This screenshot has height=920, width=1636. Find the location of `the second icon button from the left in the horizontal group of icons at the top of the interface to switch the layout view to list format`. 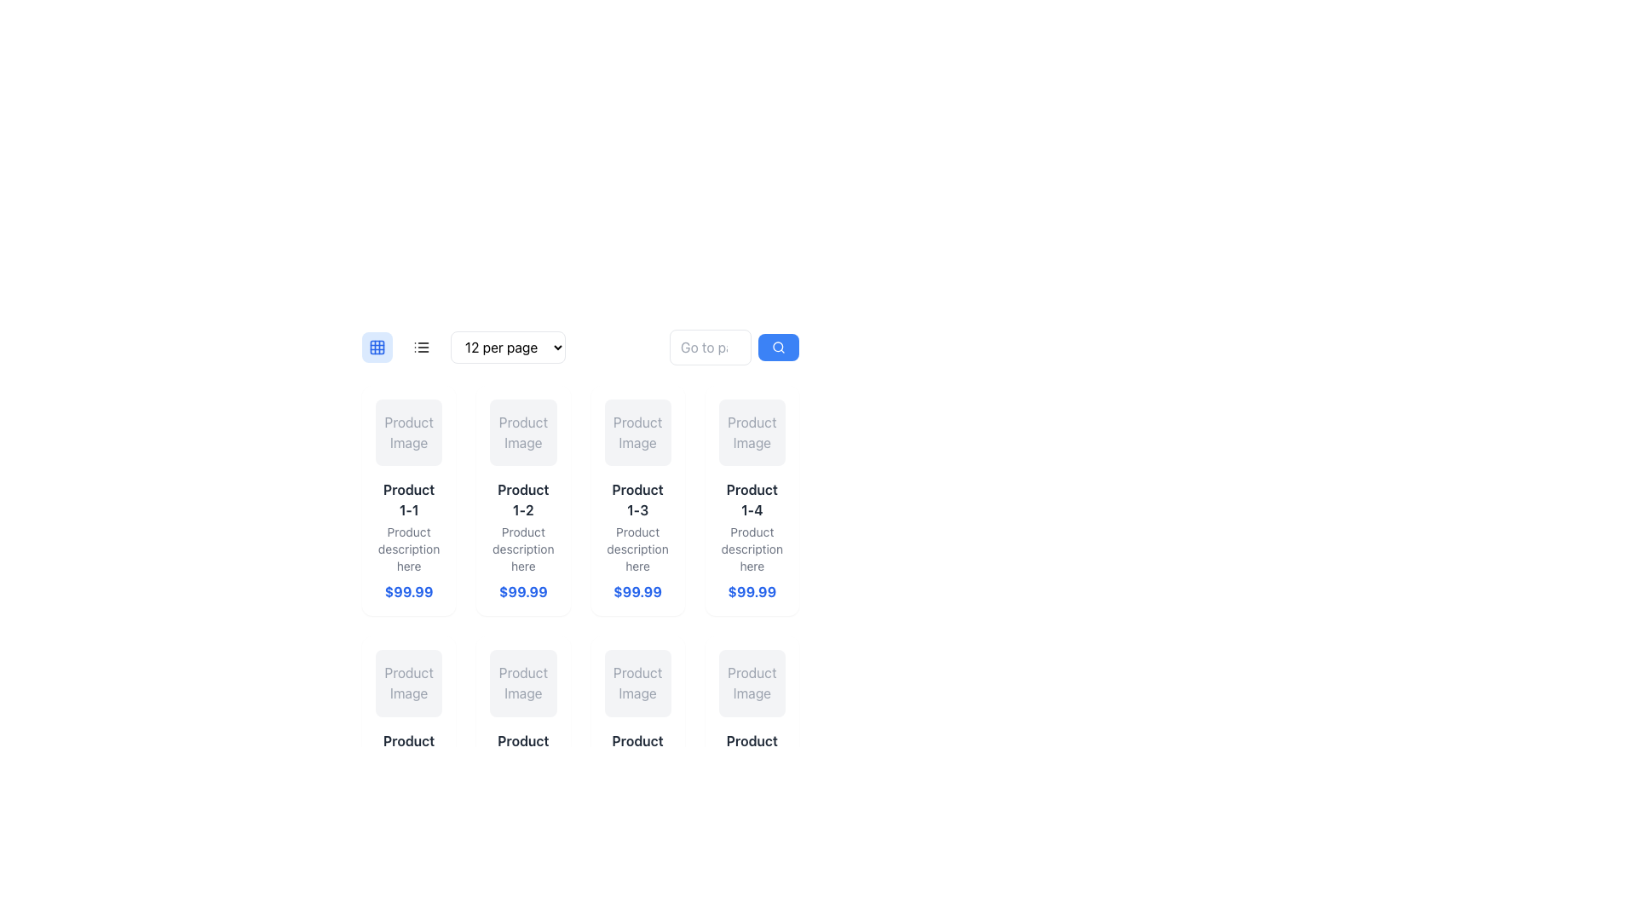

the second icon button from the left in the horizontal group of icons at the top of the interface to switch the layout view to list format is located at coordinates (421, 347).